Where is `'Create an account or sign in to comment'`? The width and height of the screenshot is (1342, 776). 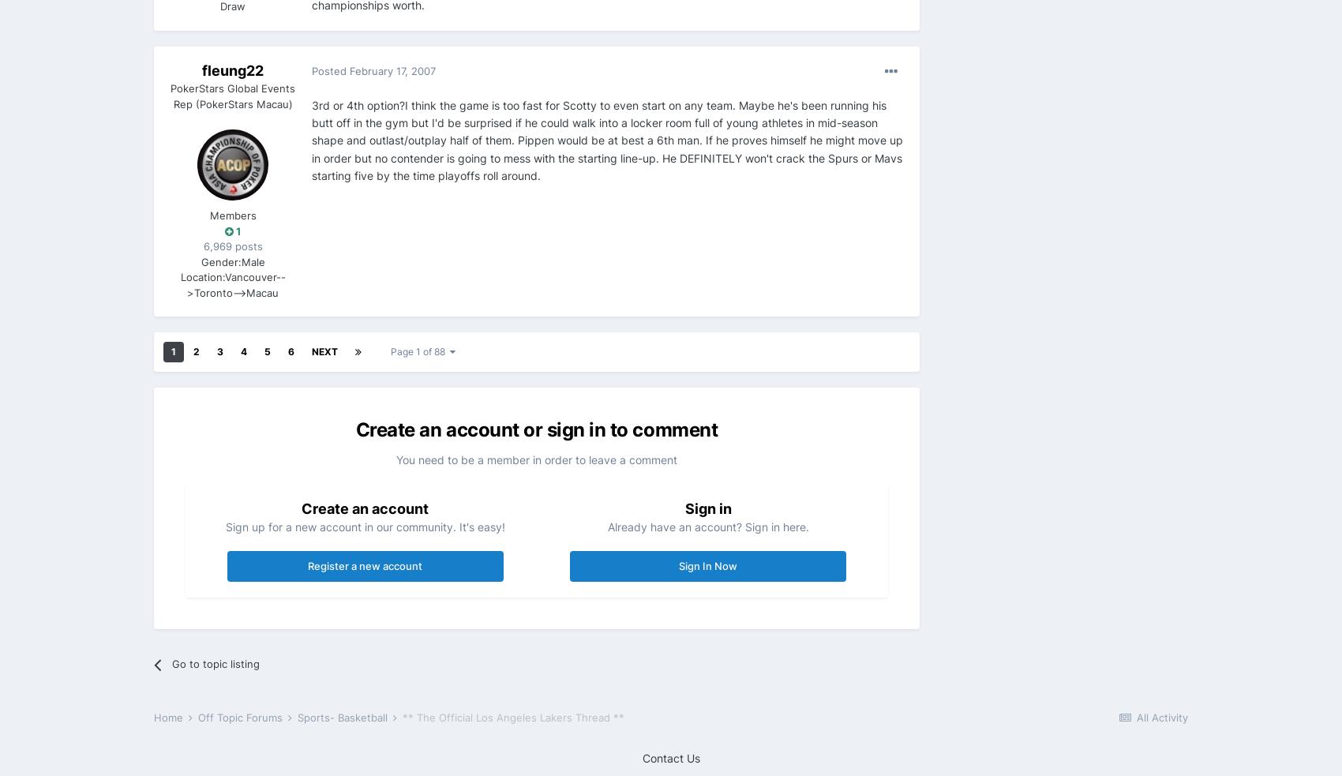 'Create an account or sign in to comment' is located at coordinates (536, 429).